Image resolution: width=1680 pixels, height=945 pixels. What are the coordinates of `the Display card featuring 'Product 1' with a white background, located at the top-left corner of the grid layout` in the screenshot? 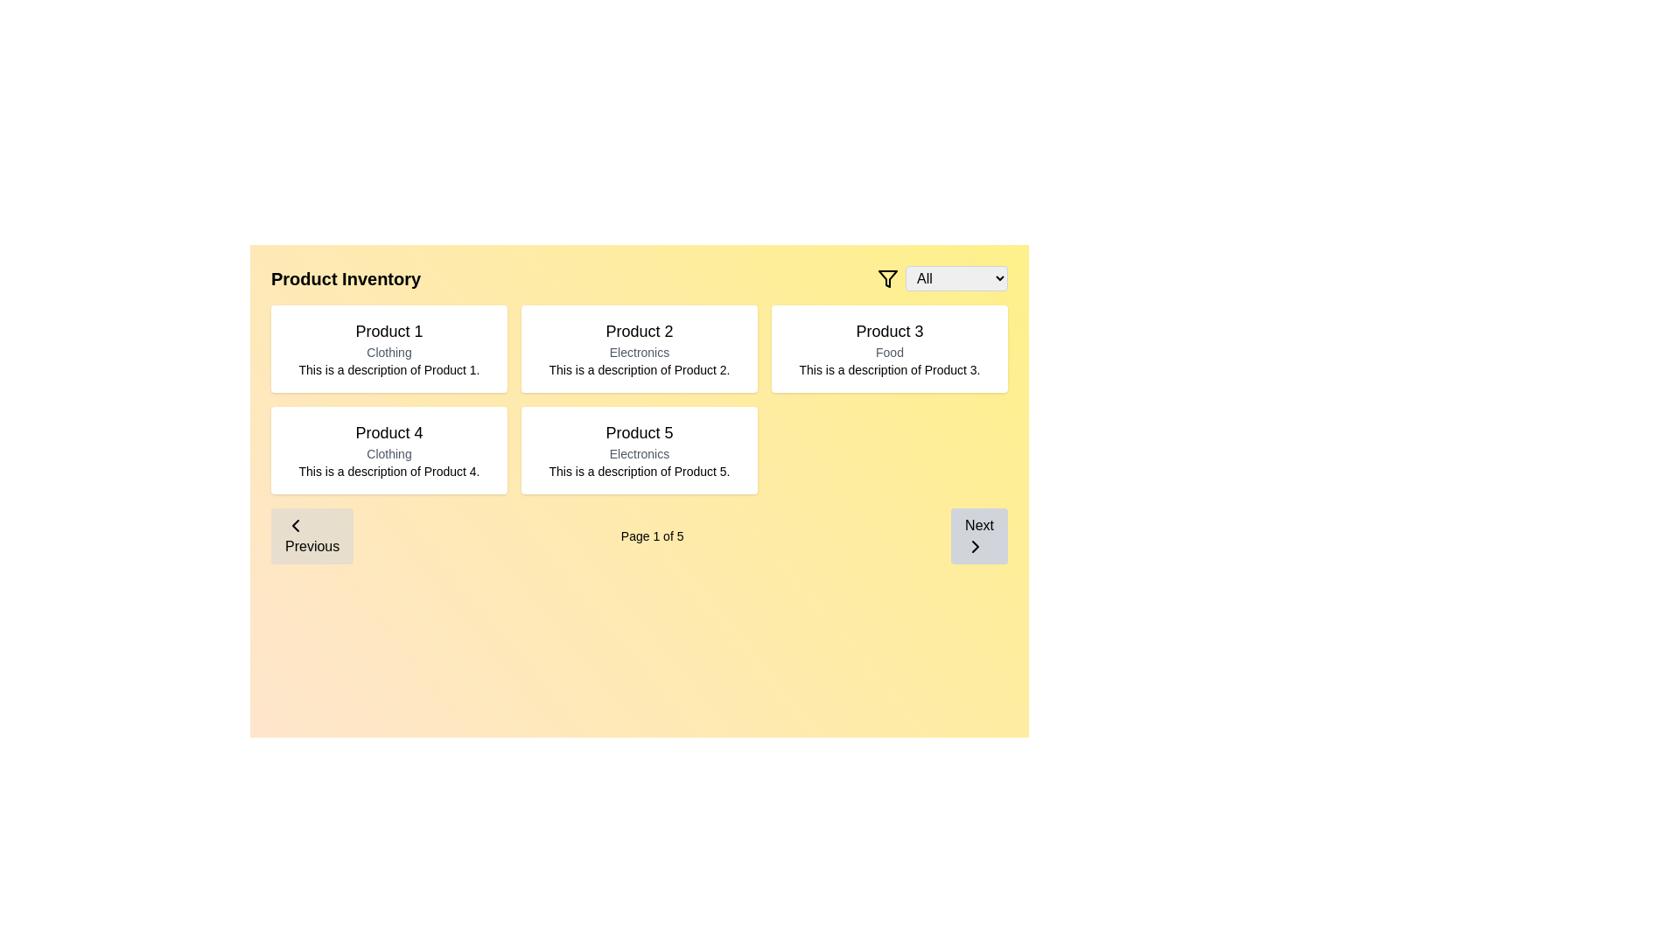 It's located at (388, 348).